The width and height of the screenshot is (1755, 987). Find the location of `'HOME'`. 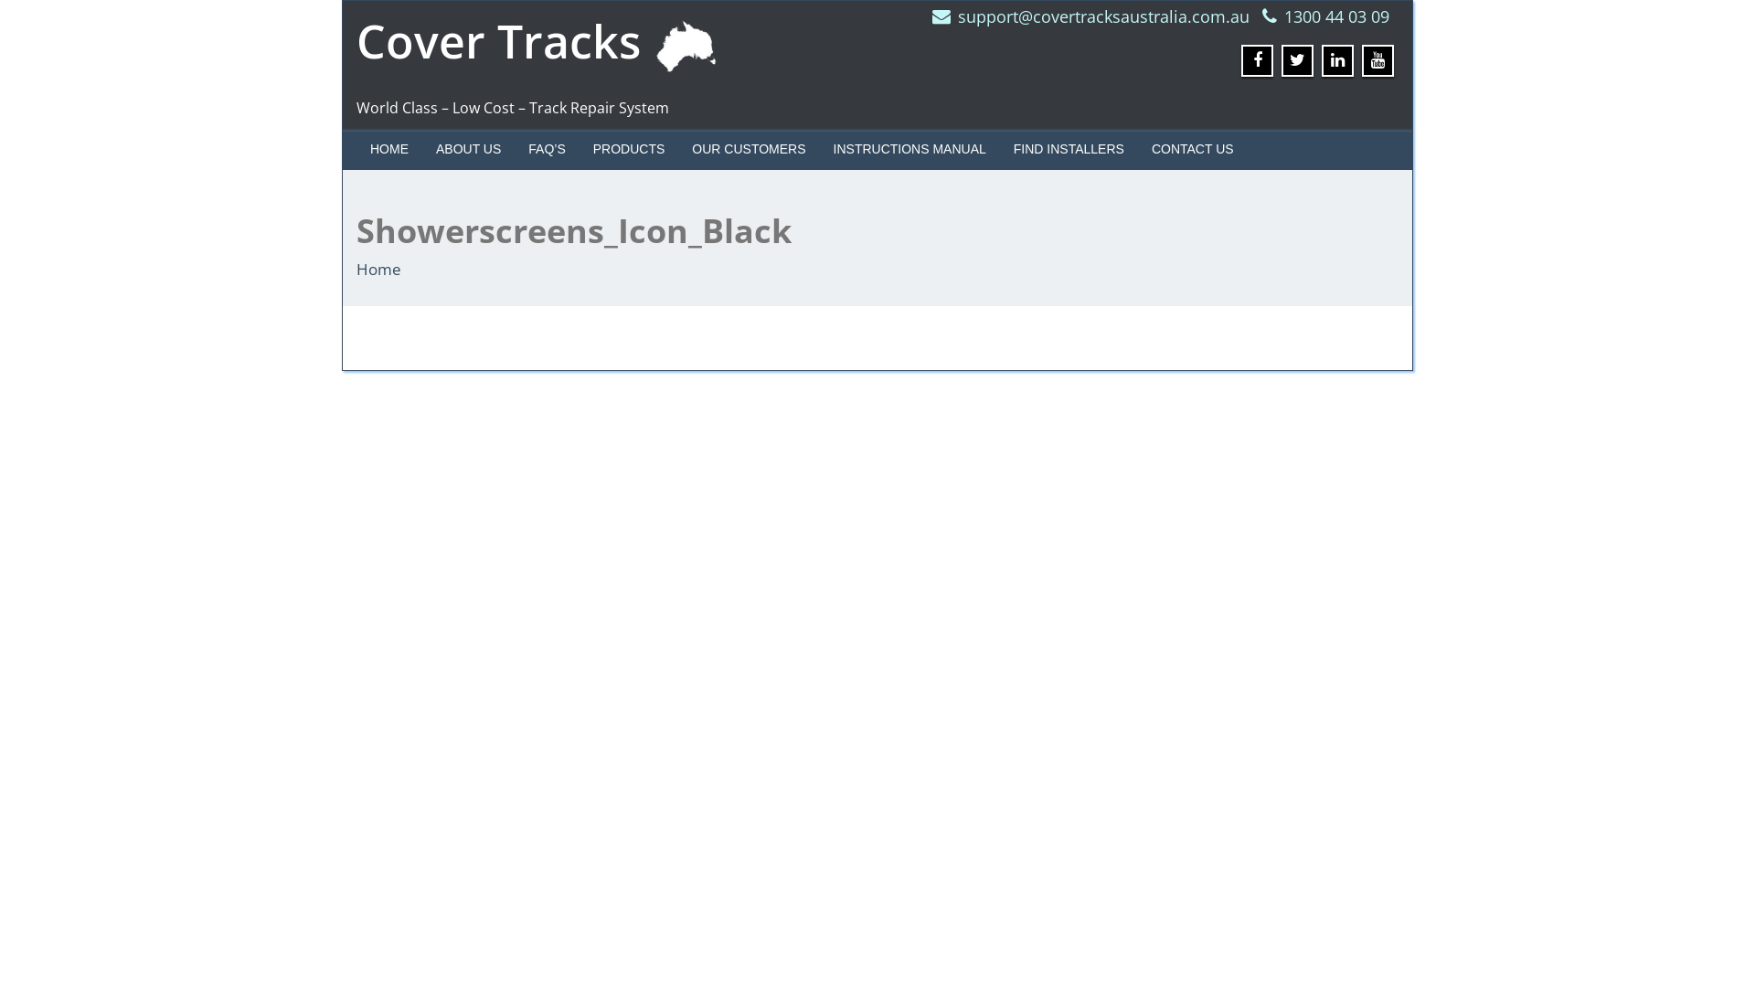

'HOME' is located at coordinates (356, 147).